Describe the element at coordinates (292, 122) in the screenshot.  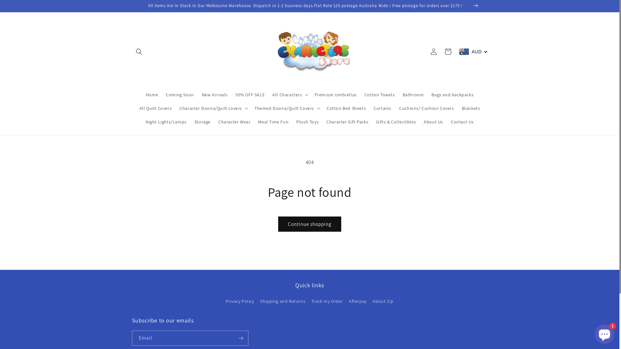
I see `'Plush Toys'` at that location.